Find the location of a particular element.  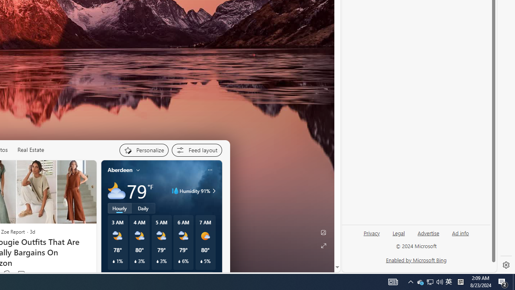

'Class: icon-img' is located at coordinates (210, 169).